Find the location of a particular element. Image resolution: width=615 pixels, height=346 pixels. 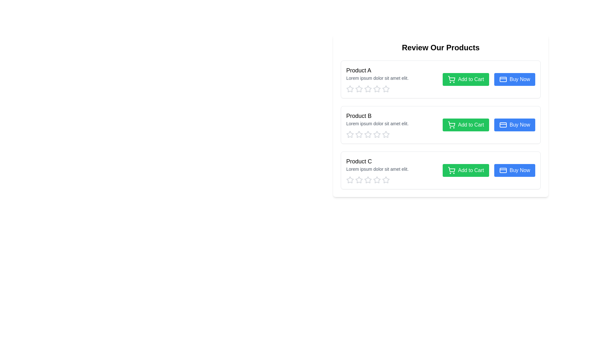

the green 'Add to Cart' button with white text and a shopping cart icon to change its color is located at coordinates (466, 170).